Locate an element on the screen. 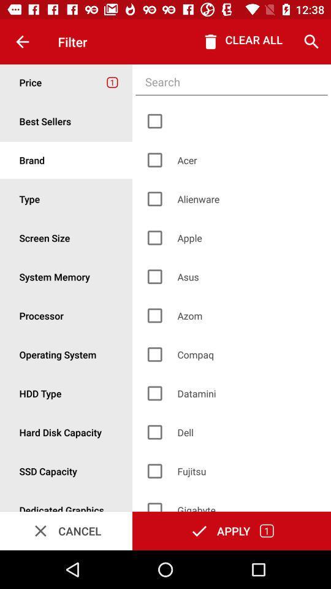 The height and width of the screenshot is (589, 331). the more icon is located at coordinates (66, 121).